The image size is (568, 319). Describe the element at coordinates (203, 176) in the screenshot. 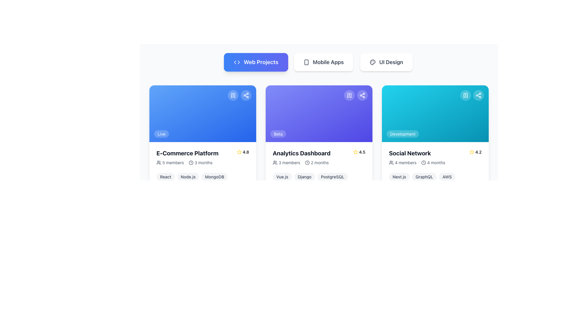

I see `each tag in the horizontal list of badges located in the 'E-Commerce Platform' card` at that location.